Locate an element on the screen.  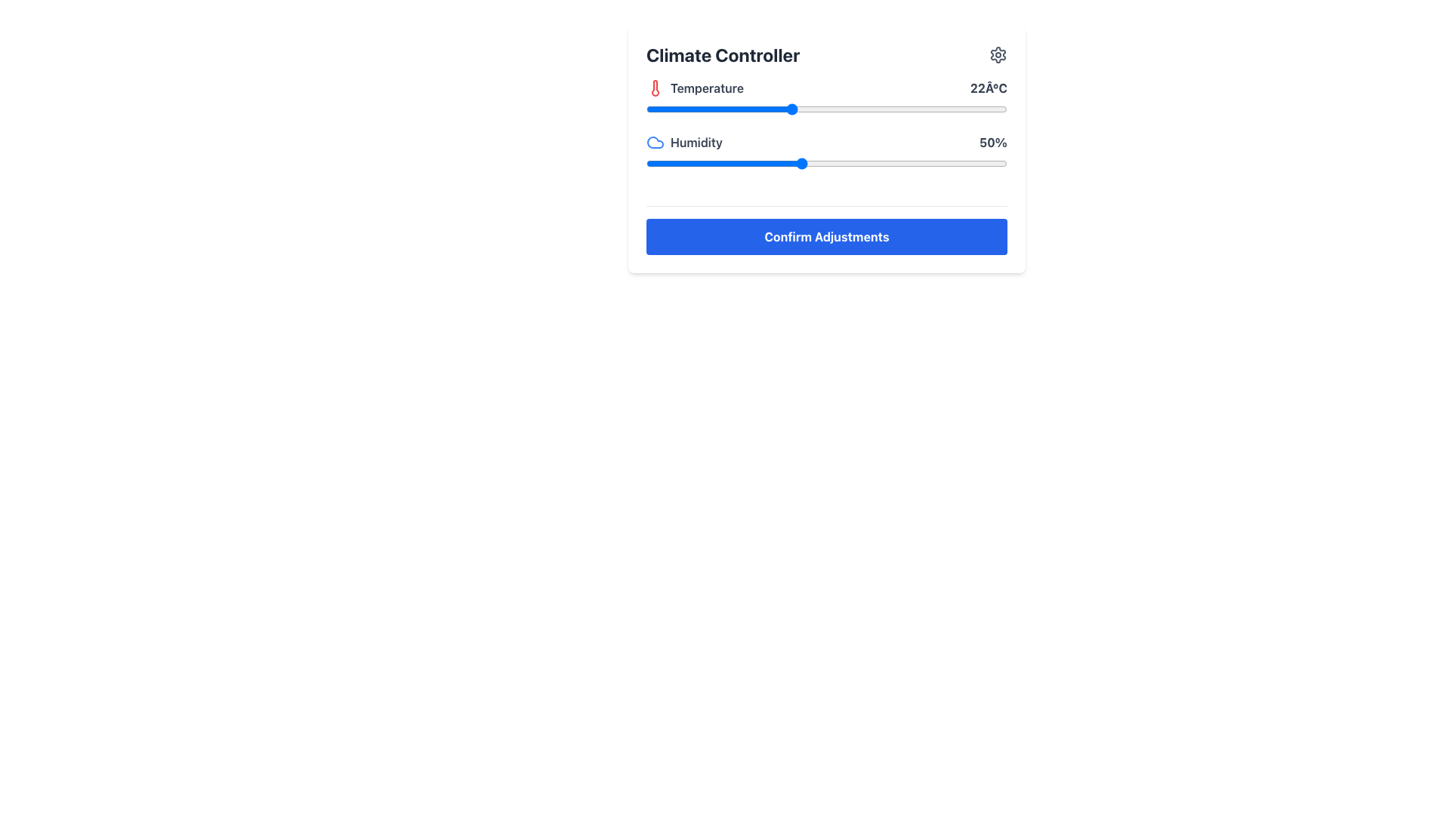
the 'Temperature' text label, which is a bold gray text aligned next to a red thermometer icon in the 'Climate Controller' panel is located at coordinates (706, 88).